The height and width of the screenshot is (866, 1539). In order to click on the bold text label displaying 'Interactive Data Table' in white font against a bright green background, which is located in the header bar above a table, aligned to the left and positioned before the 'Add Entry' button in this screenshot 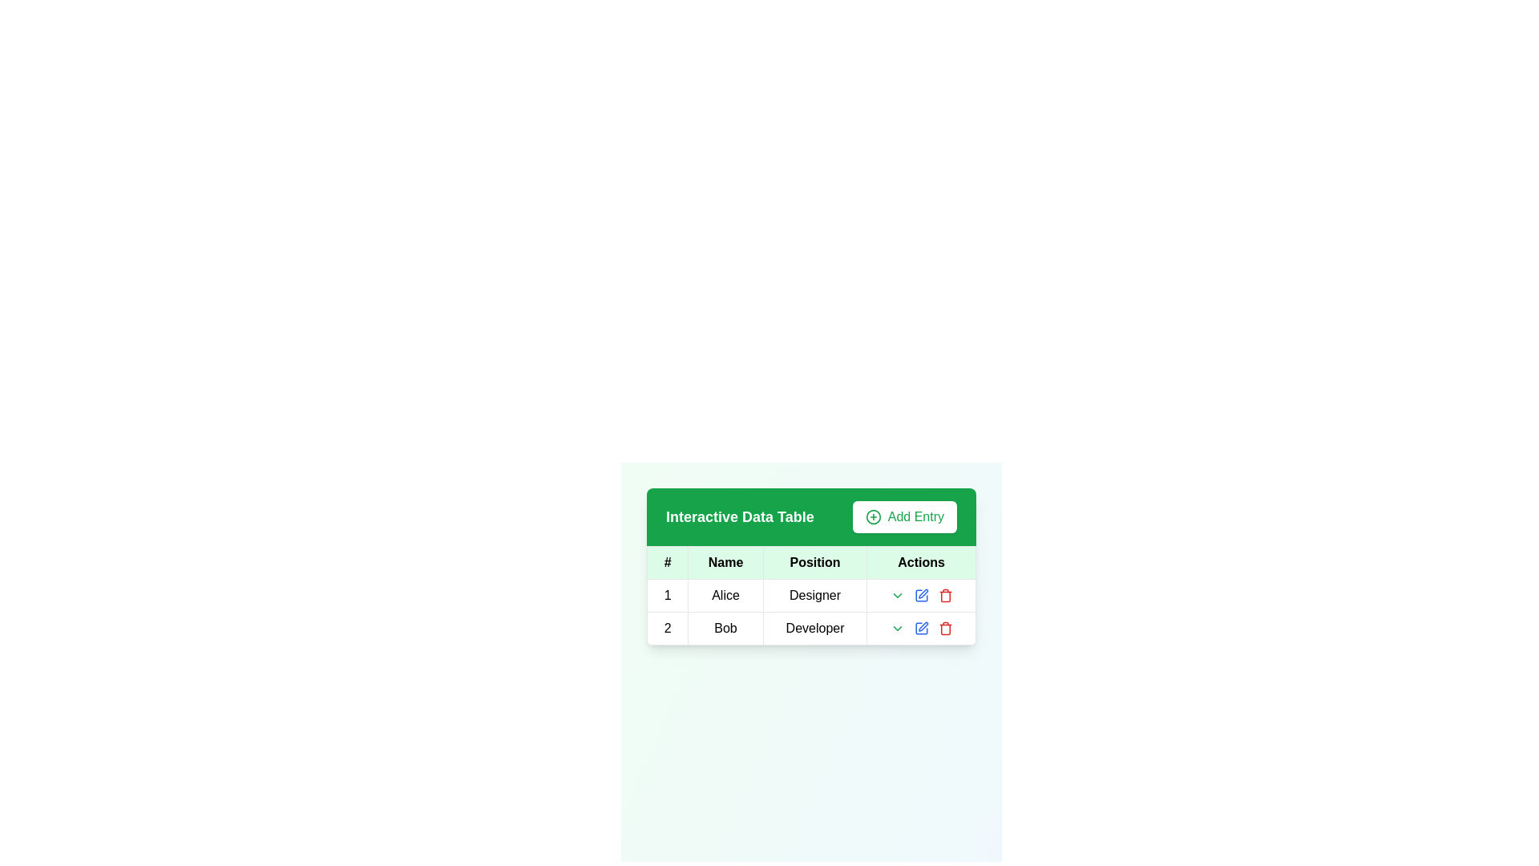, I will do `click(739, 516)`.